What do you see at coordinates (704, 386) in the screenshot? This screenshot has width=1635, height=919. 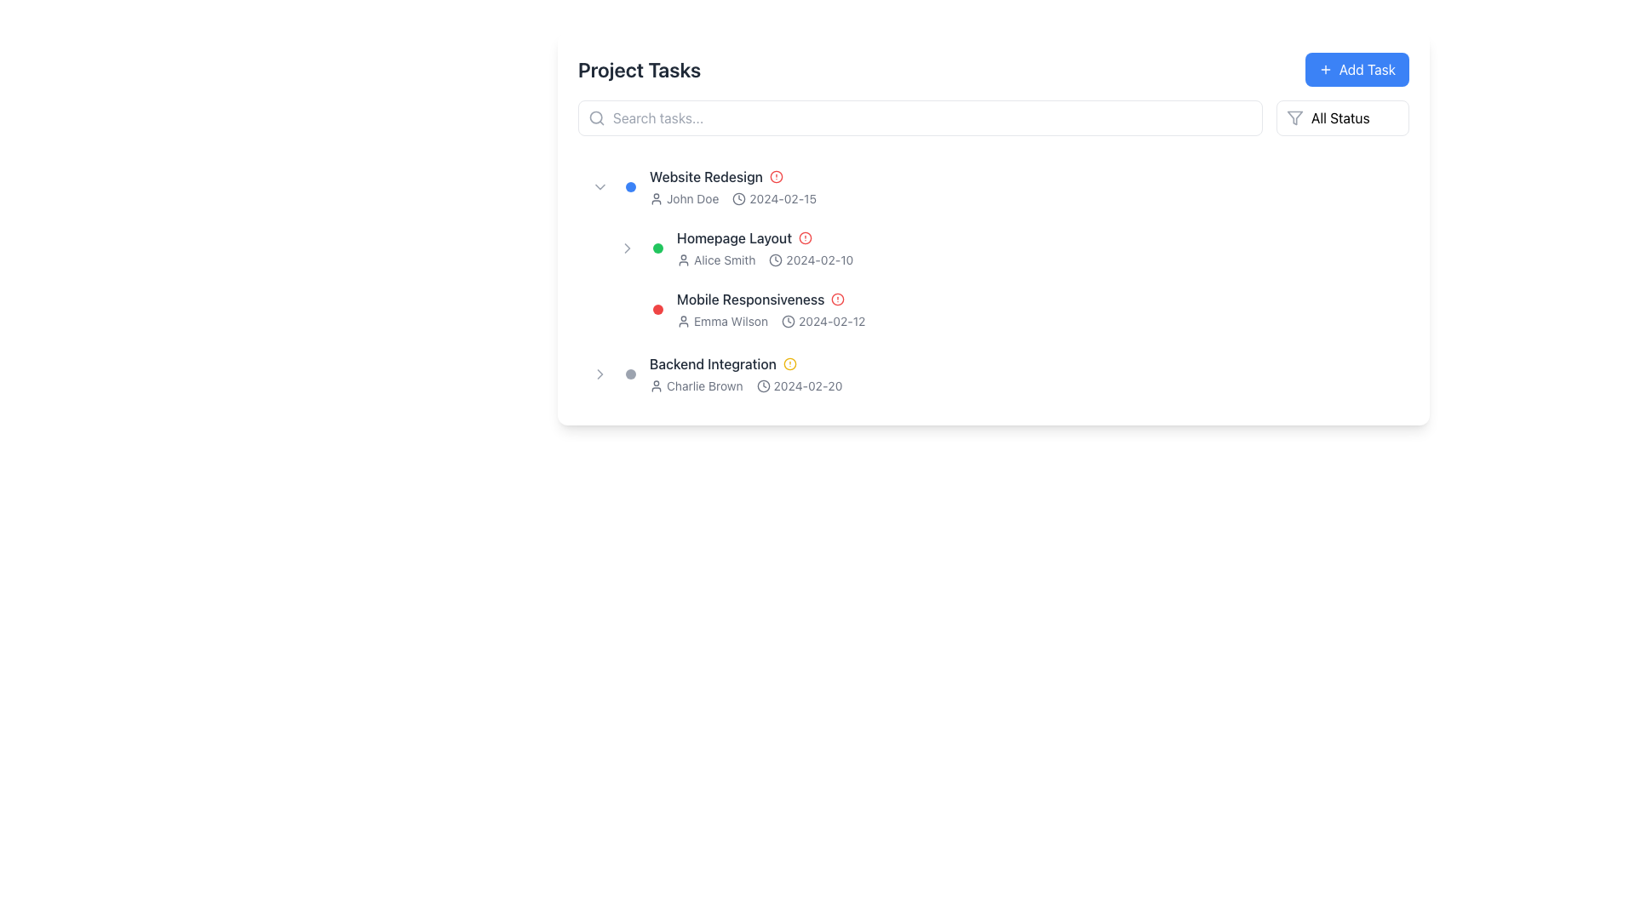 I see `the text label displaying the name of the individual assigned to the task 'Backend Integration', located in the list under 'Project Tasks', to the right of the user icon` at bounding box center [704, 386].